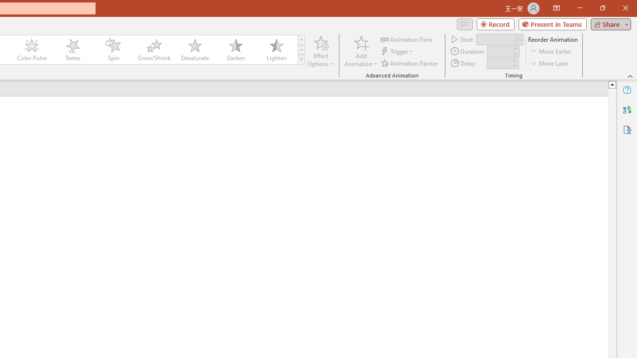  What do you see at coordinates (549, 63) in the screenshot?
I see `'Move Later'` at bounding box center [549, 63].